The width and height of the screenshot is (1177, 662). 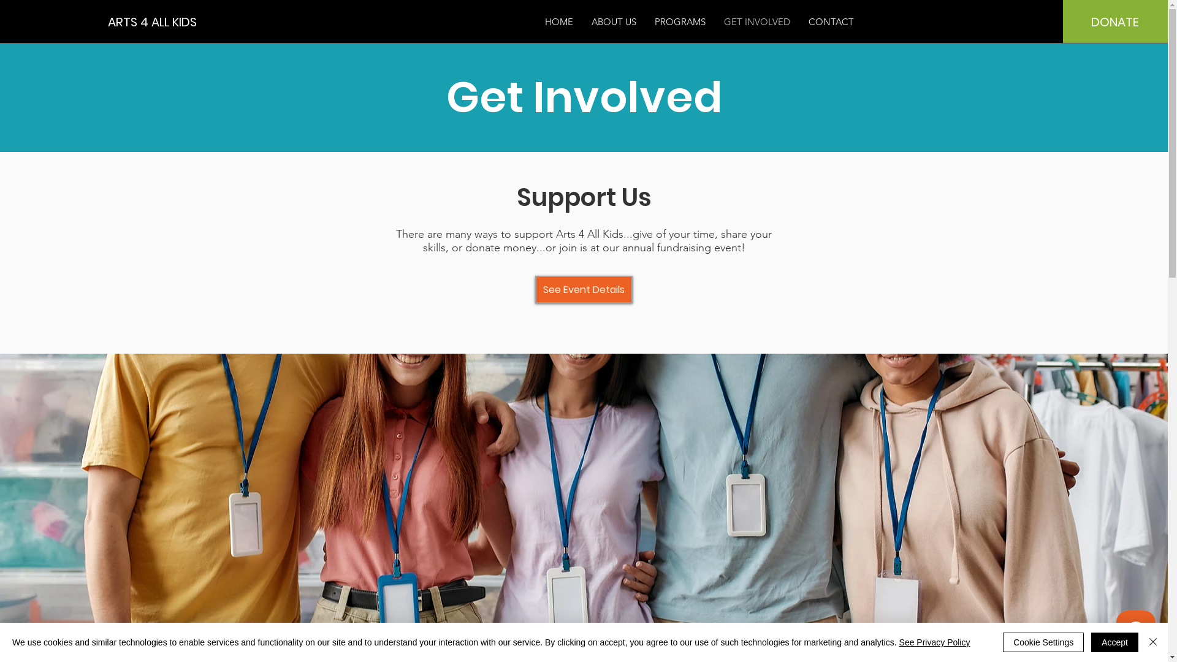 What do you see at coordinates (558, 21) in the screenshot?
I see `'HOME'` at bounding box center [558, 21].